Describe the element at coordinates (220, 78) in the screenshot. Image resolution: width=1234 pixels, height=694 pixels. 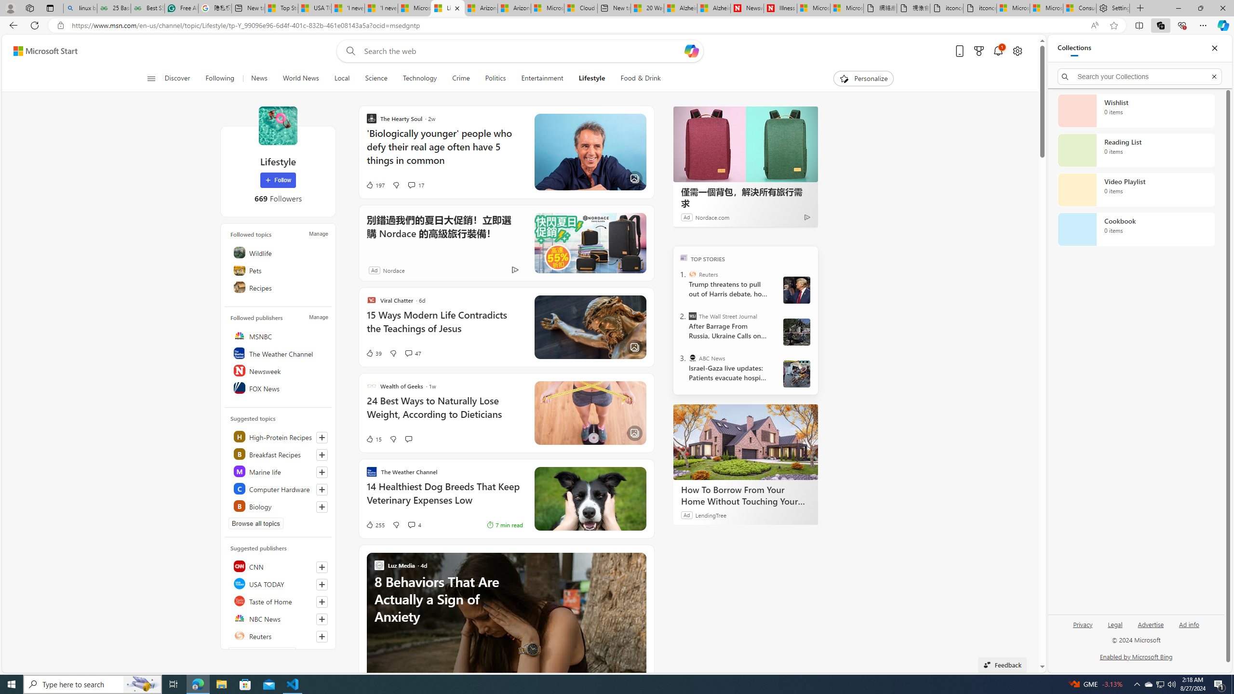
I see `'Following'` at that location.